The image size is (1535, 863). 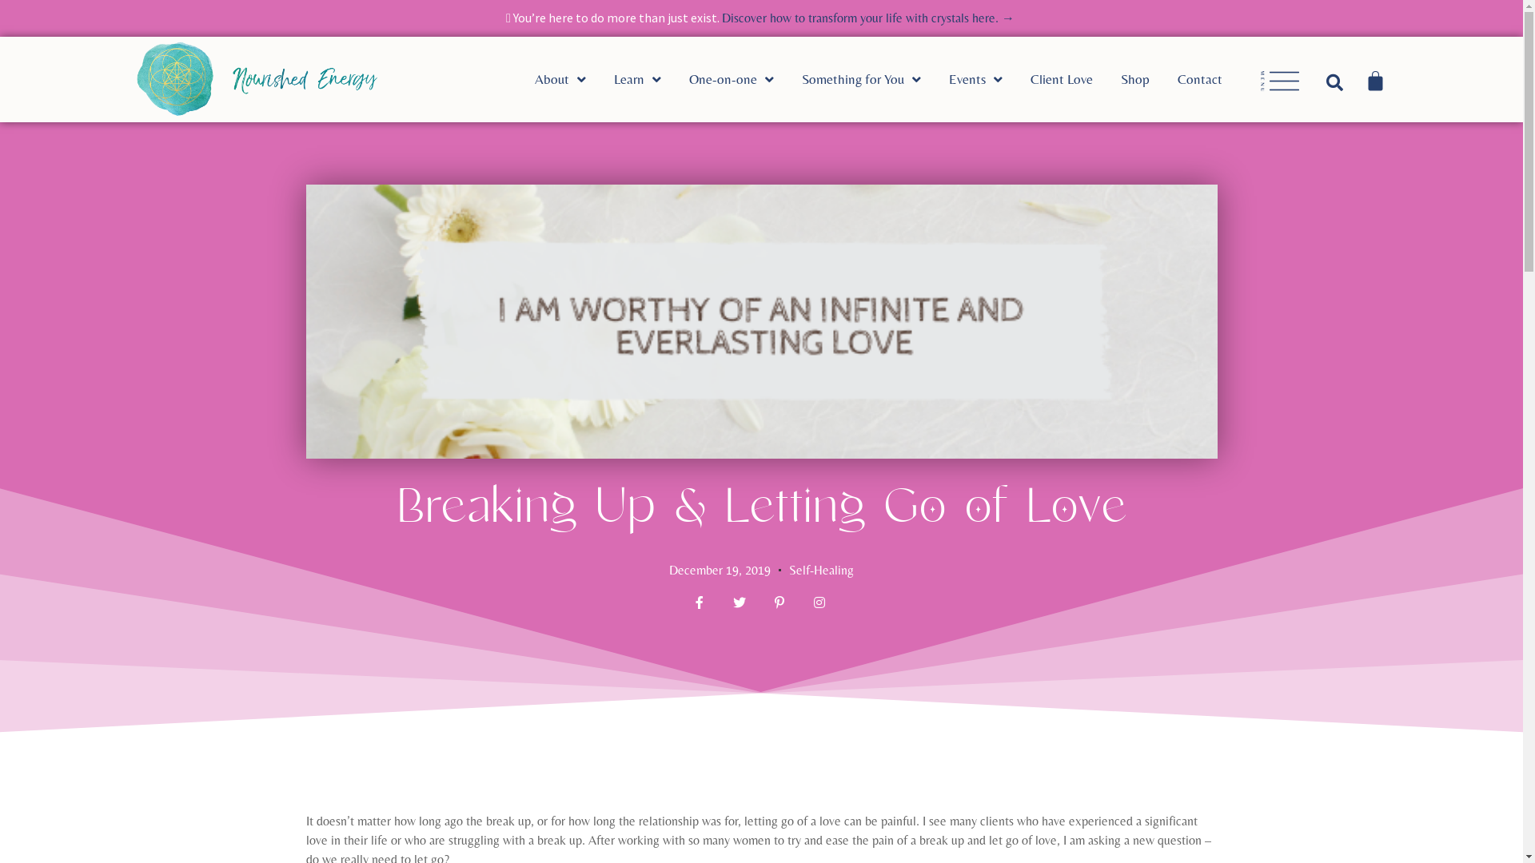 What do you see at coordinates (719, 569) in the screenshot?
I see `'December 19, 2019'` at bounding box center [719, 569].